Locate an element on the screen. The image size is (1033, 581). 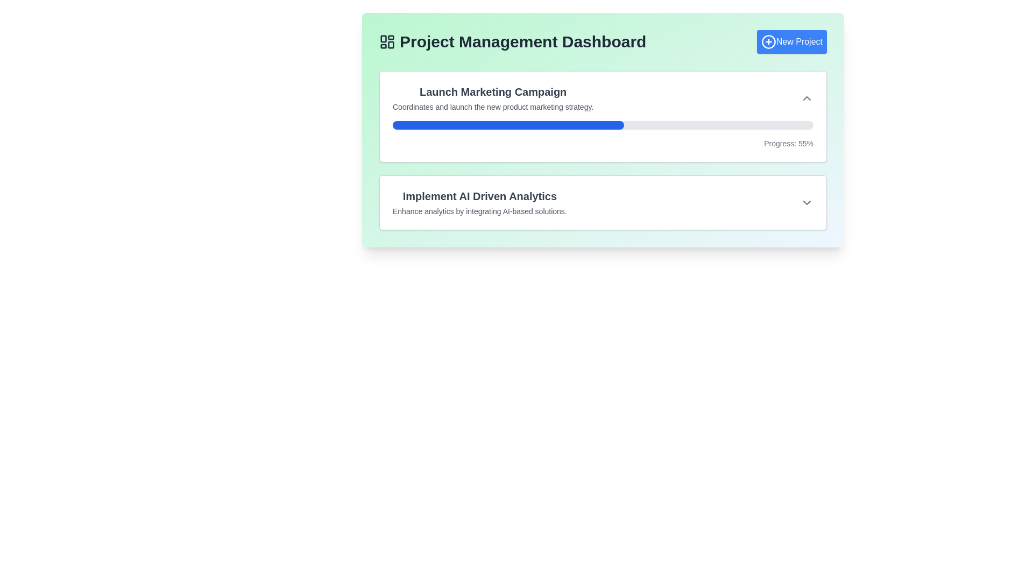
the Chevron-up icon located in the upper-right area of the 'Launch Marketing Campaign' card is located at coordinates (806, 98).